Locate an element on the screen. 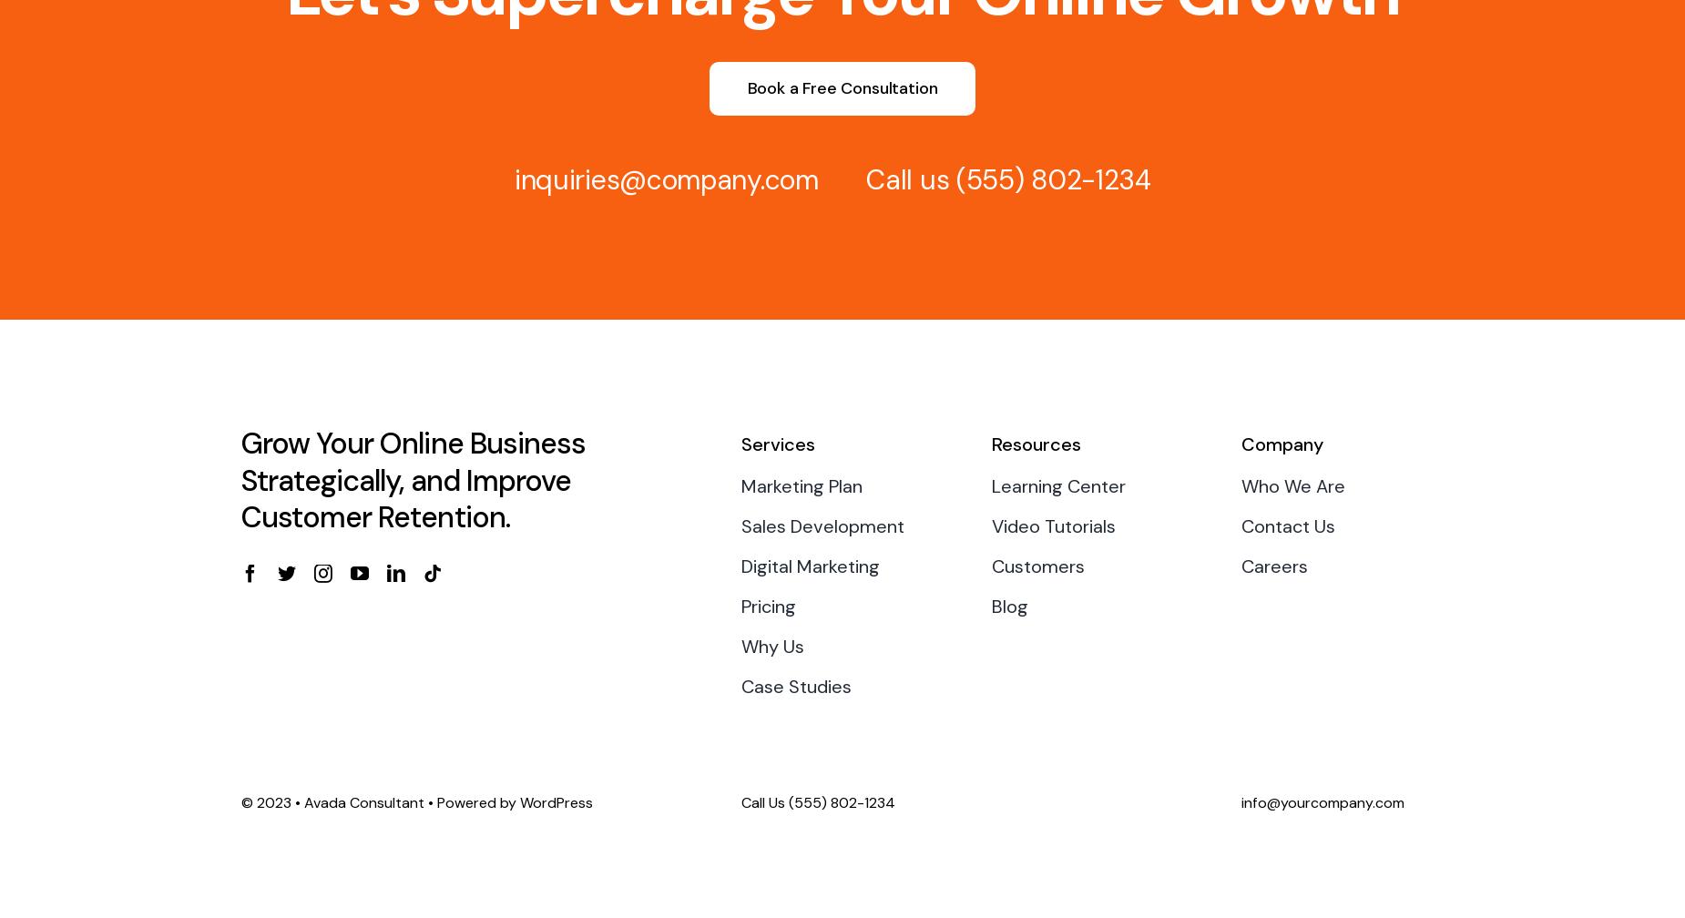 Image resolution: width=1685 pixels, height=918 pixels. 'Call Us' is located at coordinates (765, 802).